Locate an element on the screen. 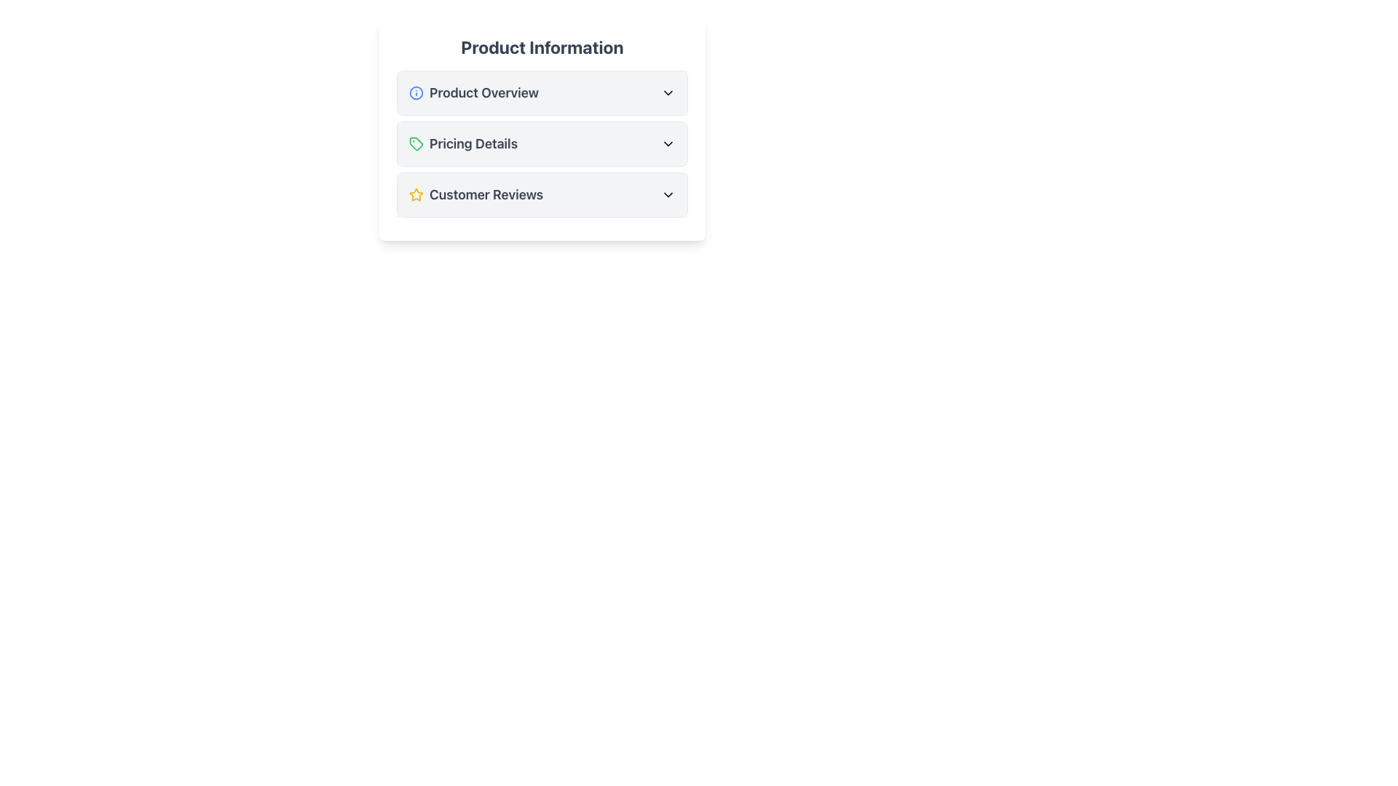  the Toggle Button that expands or collapses the 'Customer Reviews' section, positioned under 'Pricing Details' and above subsequent content is located at coordinates (541, 194).